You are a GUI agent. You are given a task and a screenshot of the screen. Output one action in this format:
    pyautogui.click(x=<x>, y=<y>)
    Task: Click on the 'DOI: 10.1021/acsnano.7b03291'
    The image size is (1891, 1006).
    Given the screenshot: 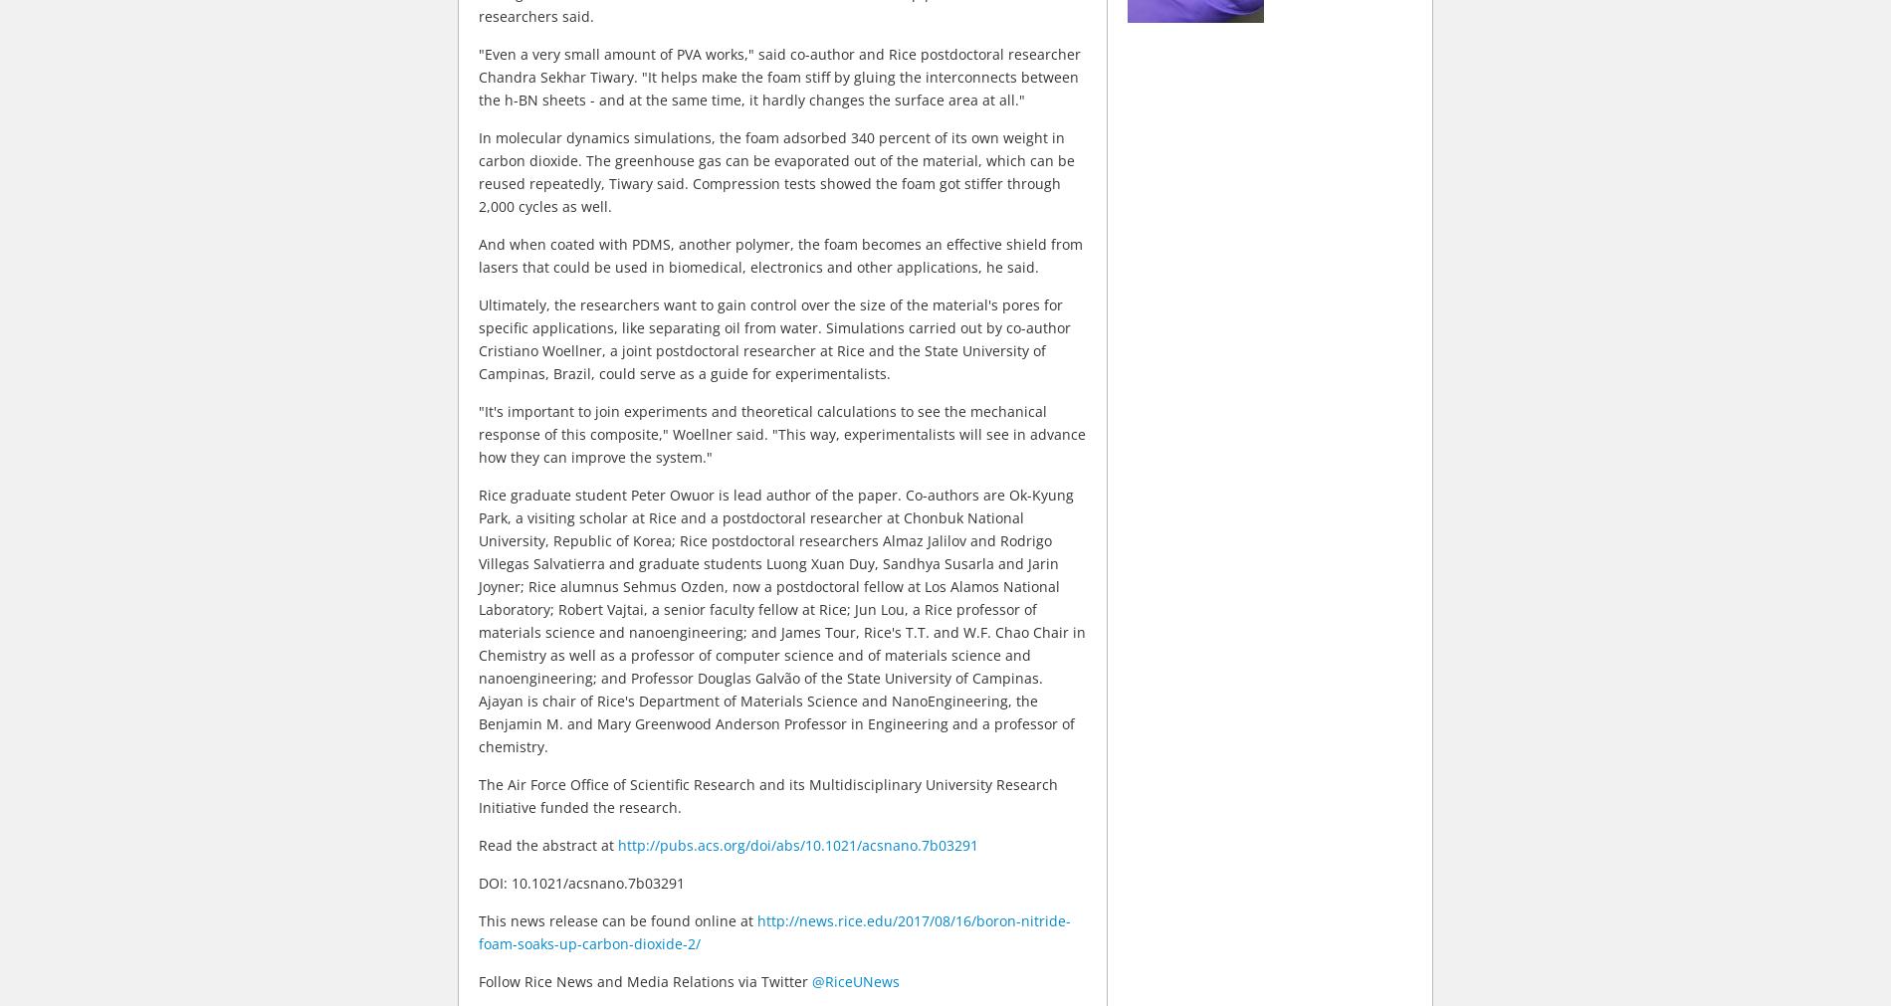 What is the action you would take?
    pyautogui.click(x=581, y=882)
    